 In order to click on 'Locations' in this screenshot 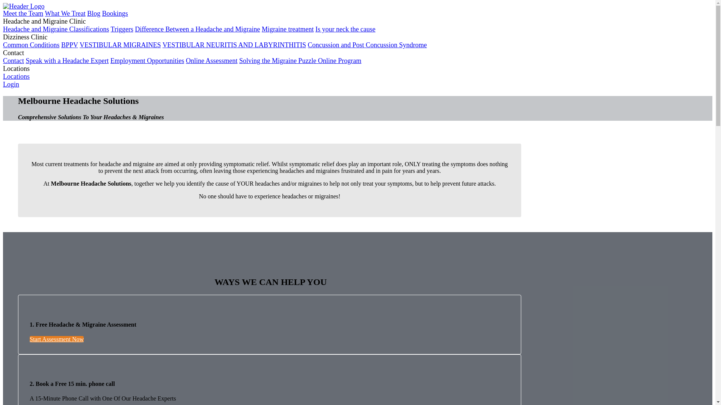, I will do `click(3, 68)`.